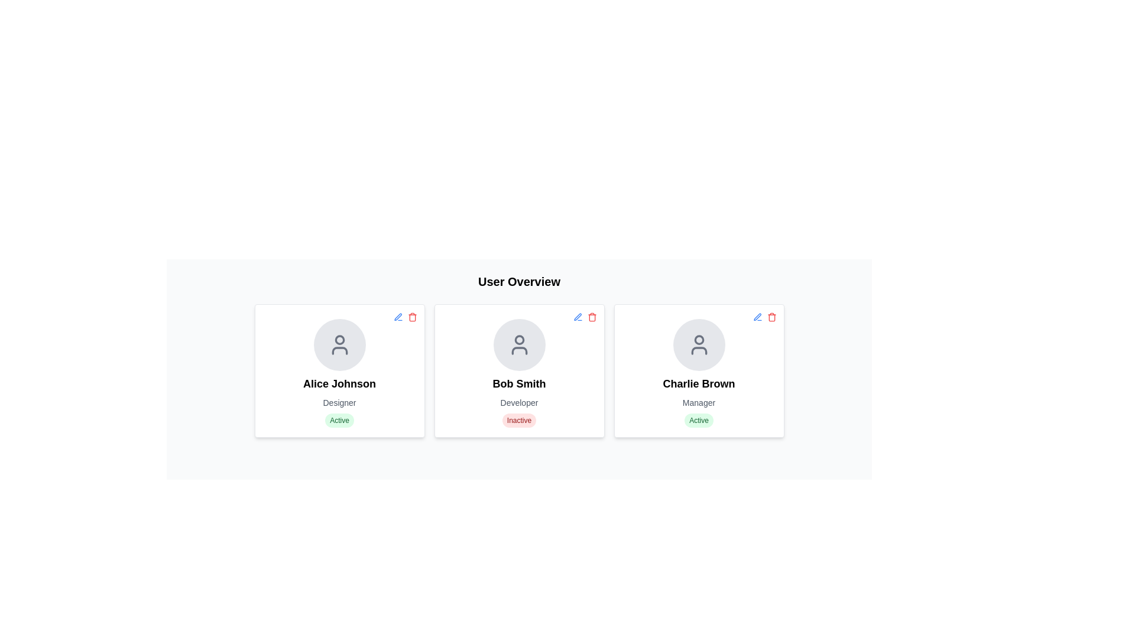 Image resolution: width=1135 pixels, height=638 pixels. What do you see at coordinates (519, 344) in the screenshot?
I see `the user icon, which is a gray circular representation of a head and shoulders, located centrally within the card labeled 'Bob Smith'` at bounding box center [519, 344].